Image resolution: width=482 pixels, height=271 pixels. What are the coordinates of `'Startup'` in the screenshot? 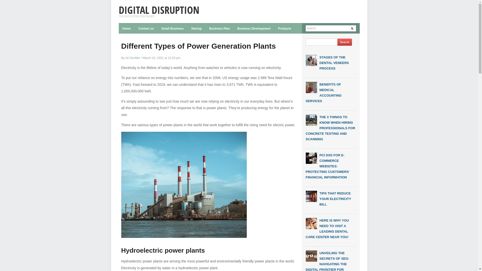 It's located at (196, 28).